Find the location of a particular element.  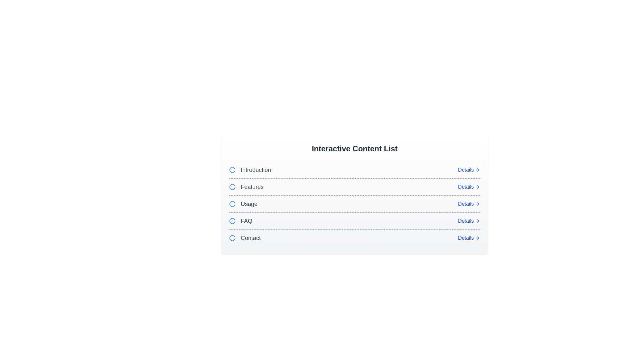

the 'Contact' text label in the fifth row of the 'Interactive Content List', which is styled in medium gray and bold, with a blue circle icon to its left is located at coordinates (245, 238).